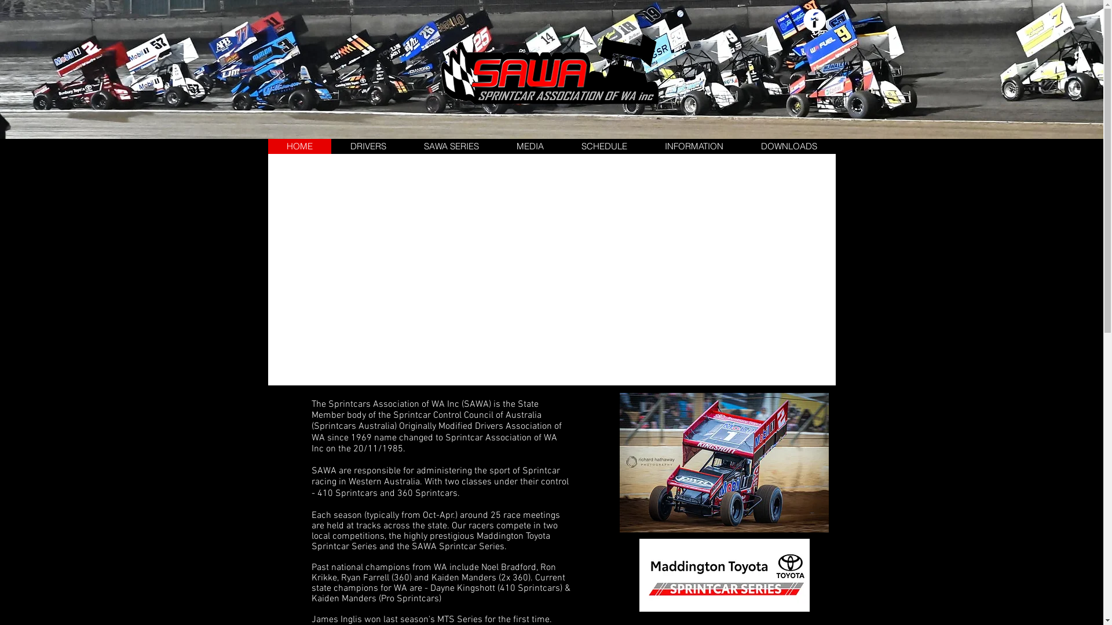 The image size is (1112, 625). I want to click on 'SAWA SERIES', so click(449, 146).